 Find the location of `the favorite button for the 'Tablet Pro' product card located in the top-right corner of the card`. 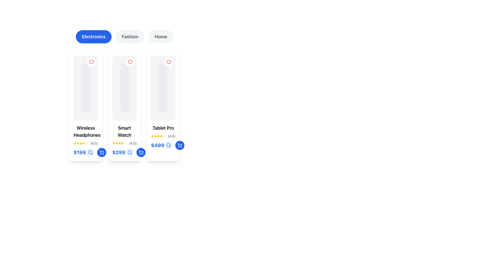

the favorite button for the 'Tablet Pro' product card located in the top-right corner of the card is located at coordinates (169, 62).